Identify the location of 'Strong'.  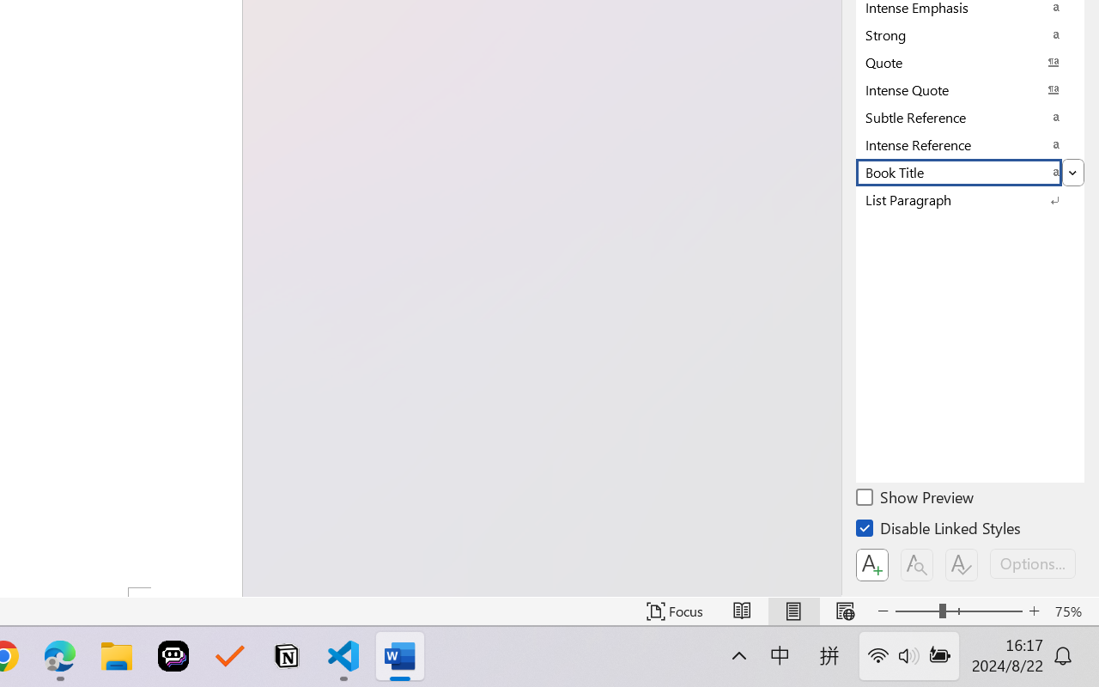
(970, 33).